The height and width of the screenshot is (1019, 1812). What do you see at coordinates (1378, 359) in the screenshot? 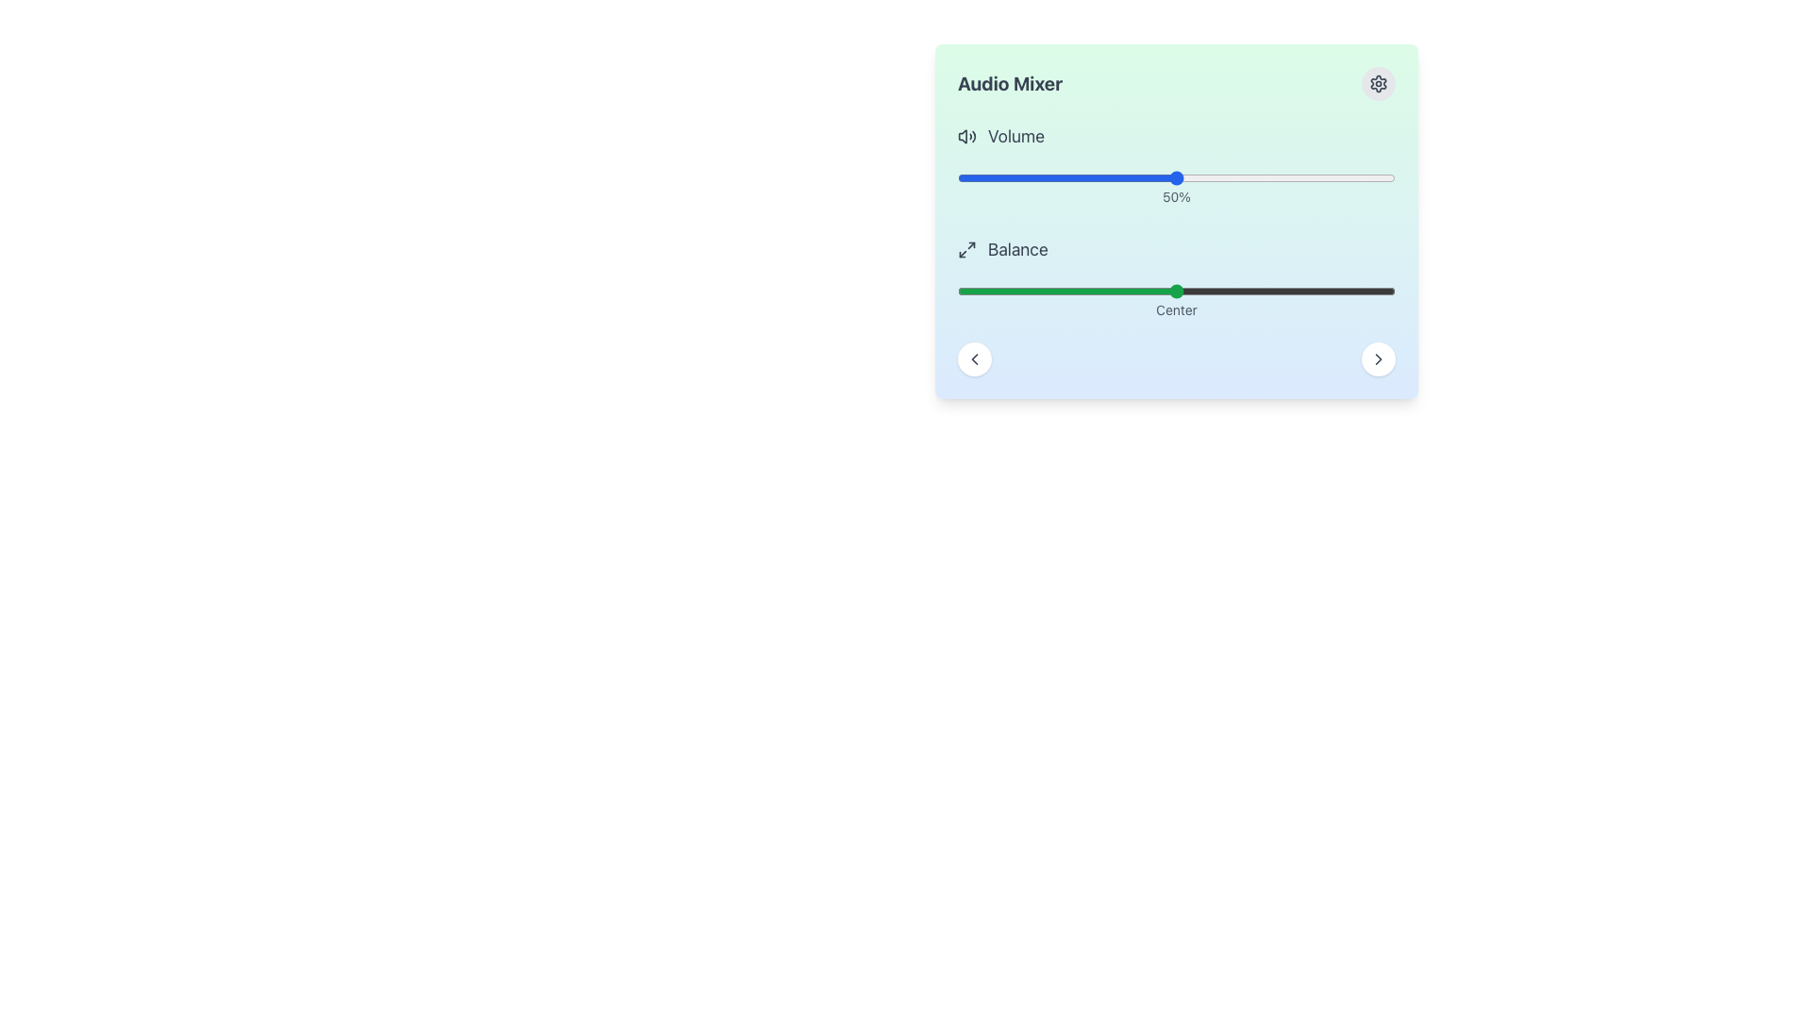
I see `the navigational SVG icon located in the bottom-right corner of the panel` at bounding box center [1378, 359].